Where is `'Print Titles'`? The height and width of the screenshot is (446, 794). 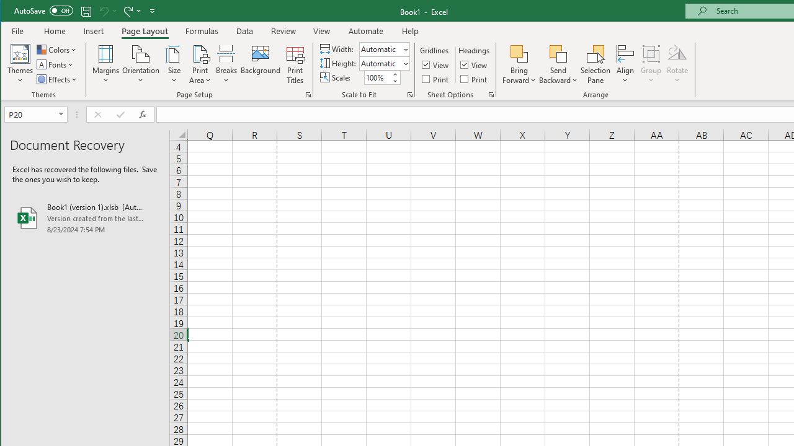
'Print Titles' is located at coordinates (294, 64).